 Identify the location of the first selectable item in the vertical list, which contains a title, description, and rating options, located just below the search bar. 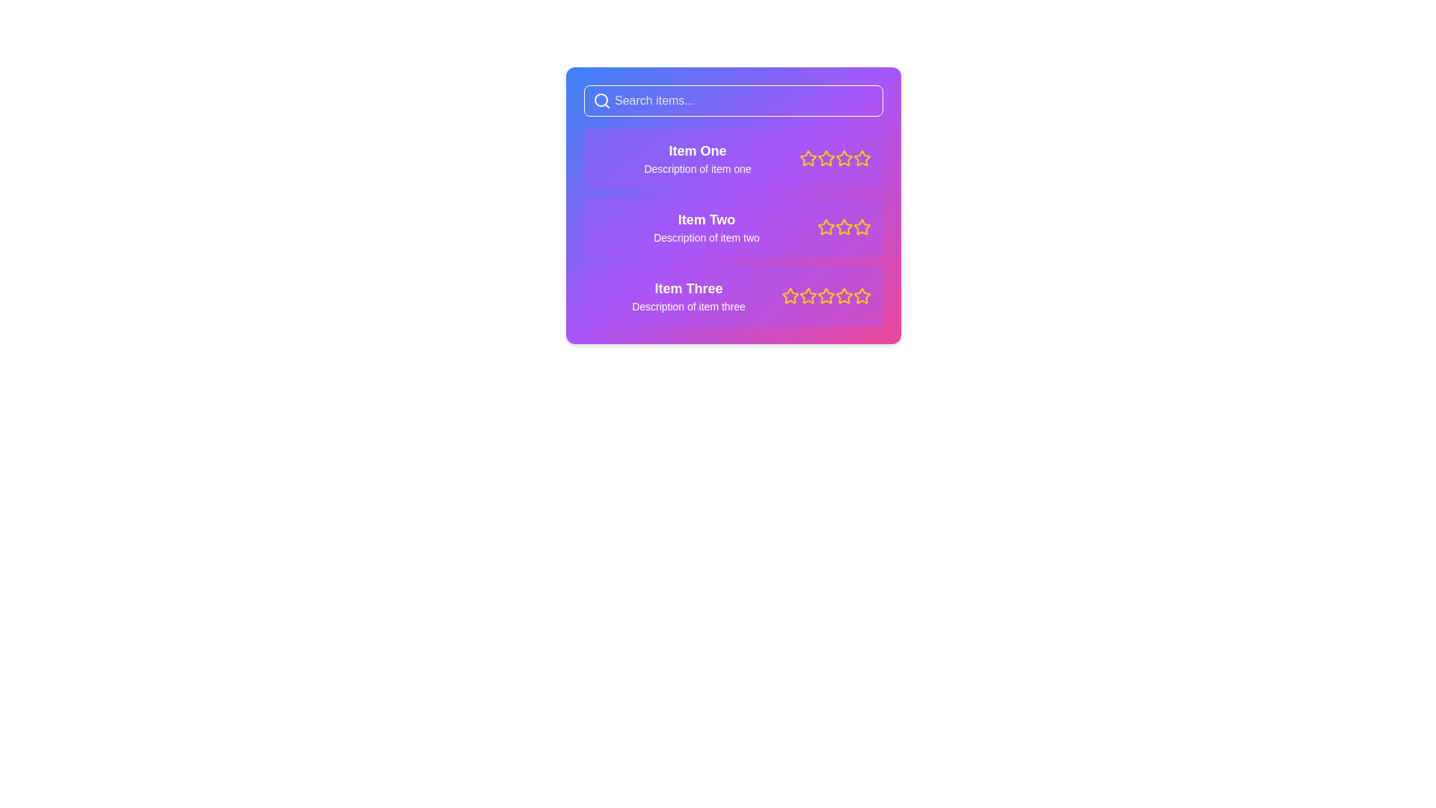
(733, 159).